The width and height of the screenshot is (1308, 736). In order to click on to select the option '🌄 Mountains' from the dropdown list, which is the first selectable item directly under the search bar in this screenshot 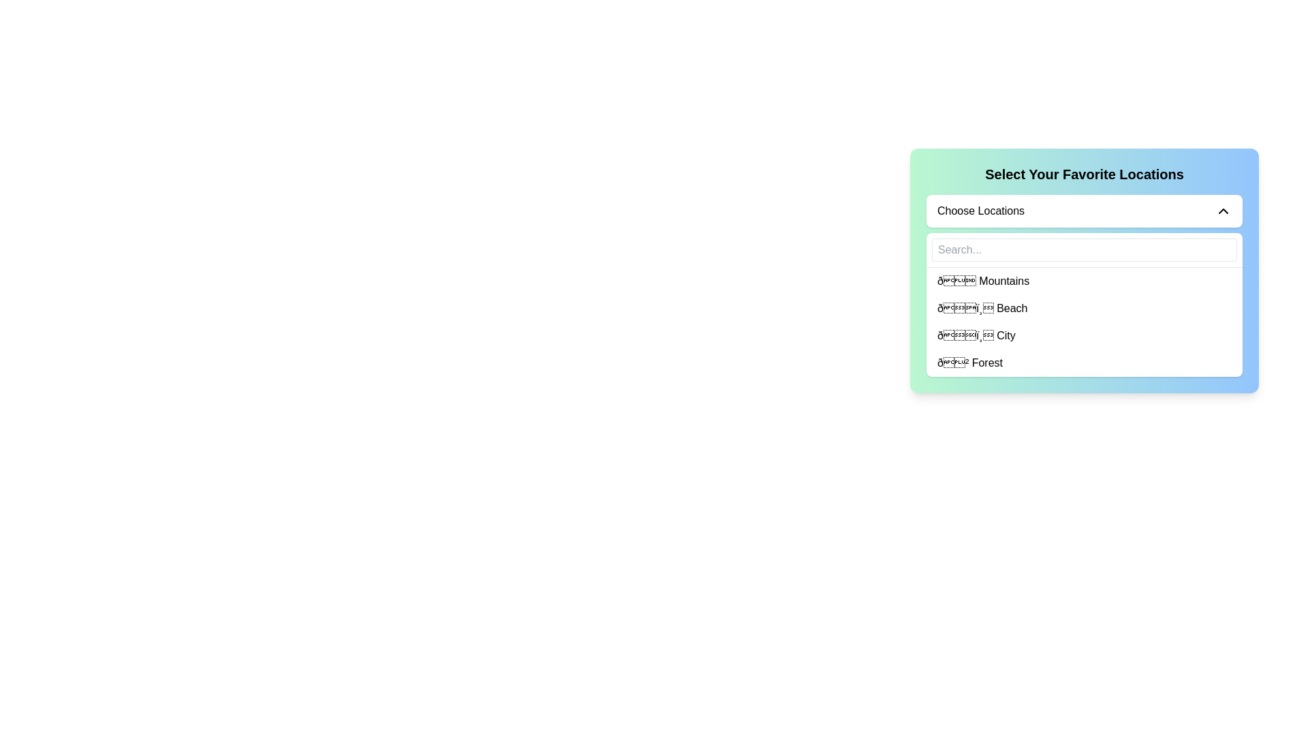, I will do `click(1084, 280)`.